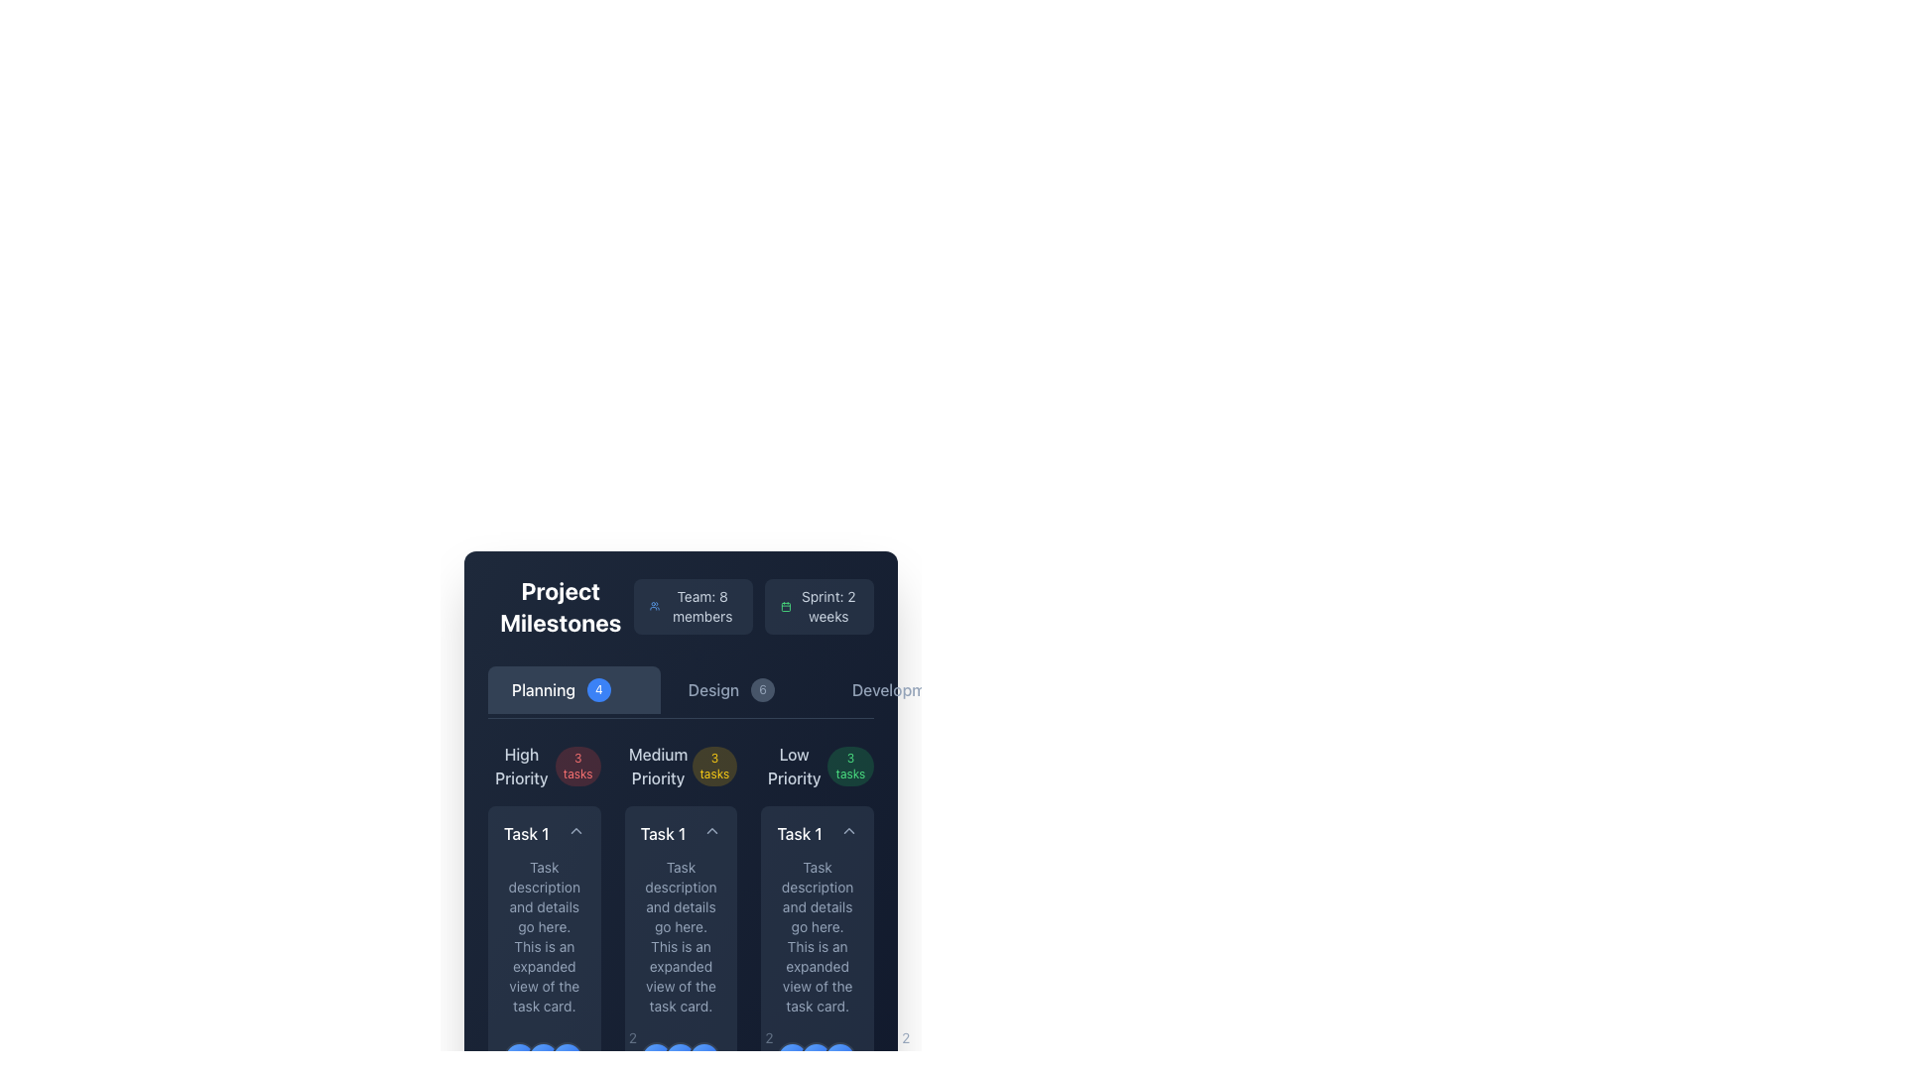  I want to click on the second tab in the horizontal tab group, labeled 'Design', so click(743, 688).